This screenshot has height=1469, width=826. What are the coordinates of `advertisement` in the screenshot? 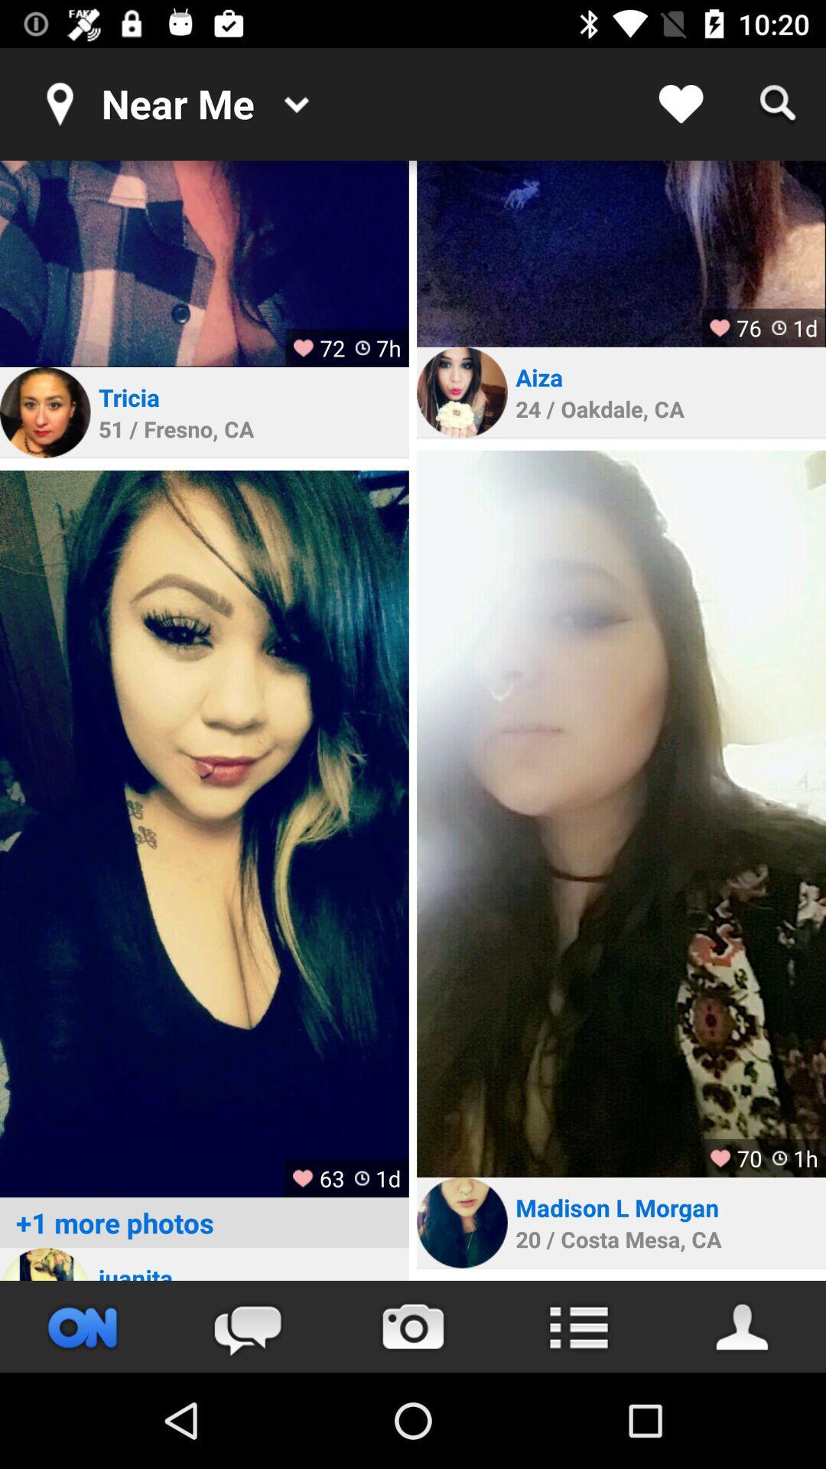 It's located at (203, 833).